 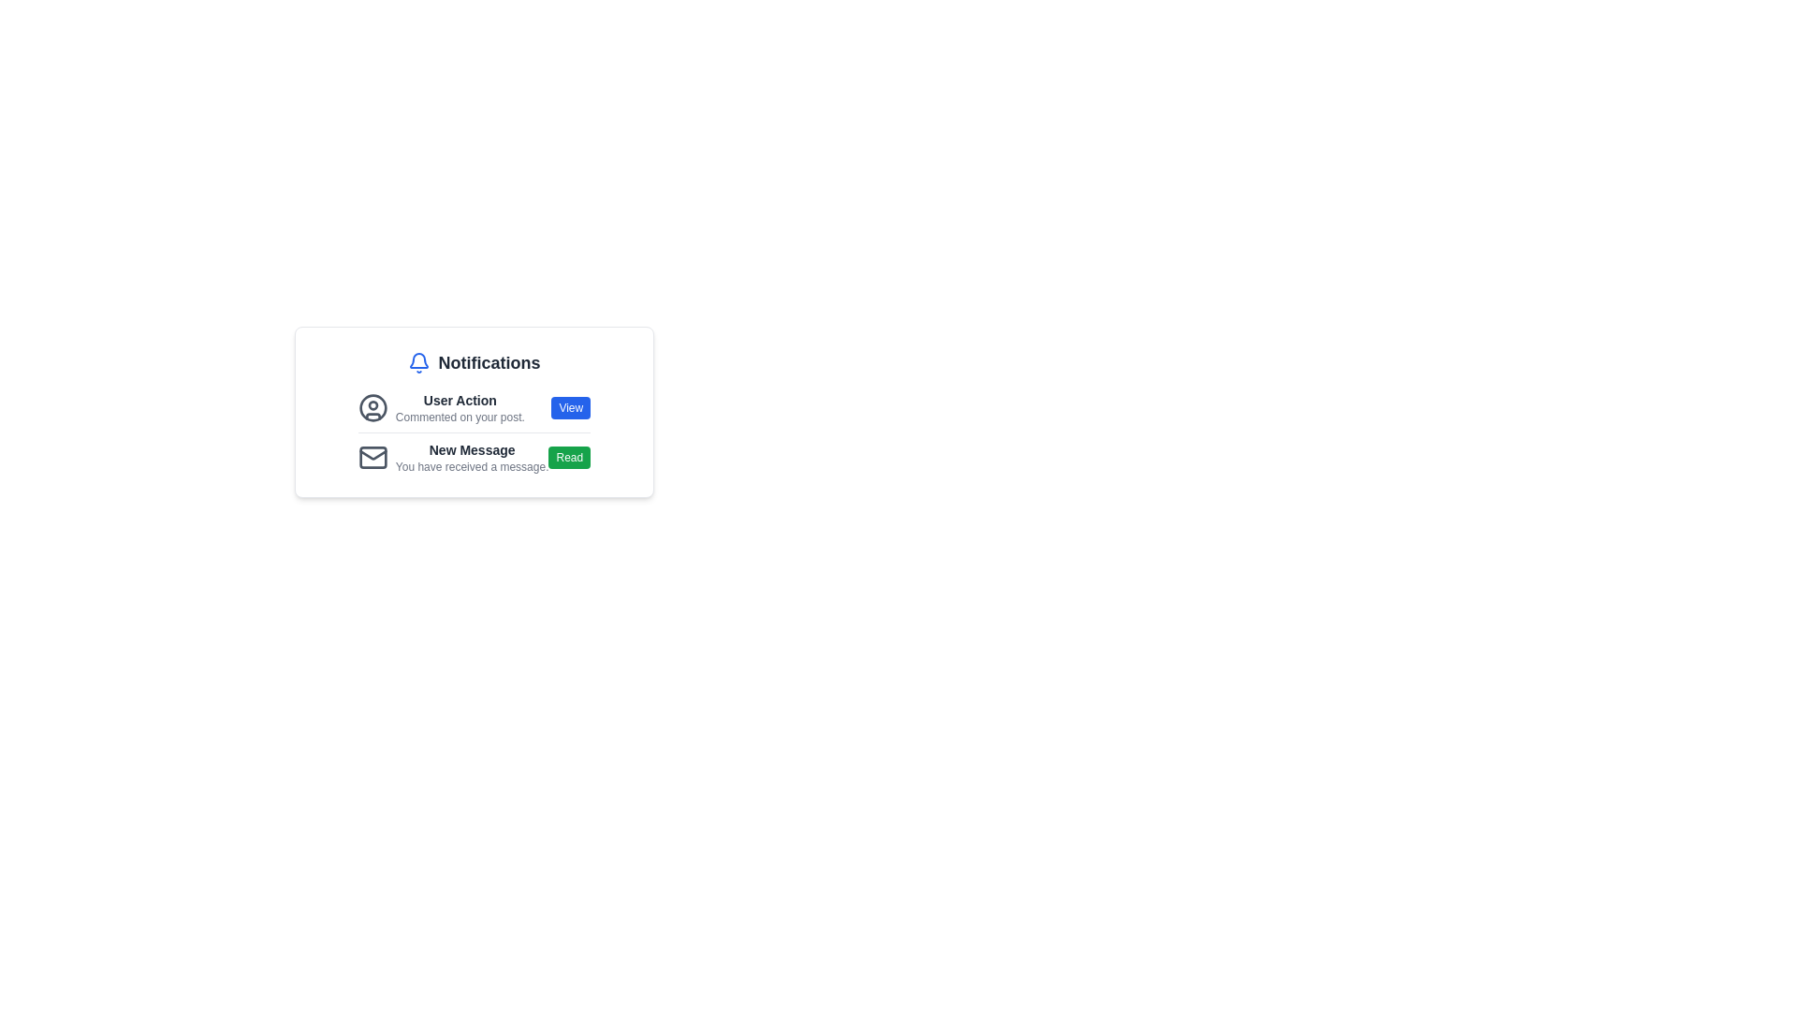 I want to click on the bell icon element with a blue outline, which is located to the left of the 'Notifications' text, so click(x=418, y=363).